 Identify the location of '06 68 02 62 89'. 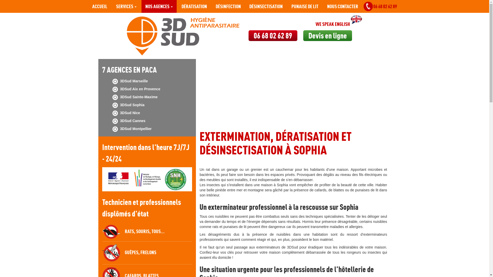
(382, 6).